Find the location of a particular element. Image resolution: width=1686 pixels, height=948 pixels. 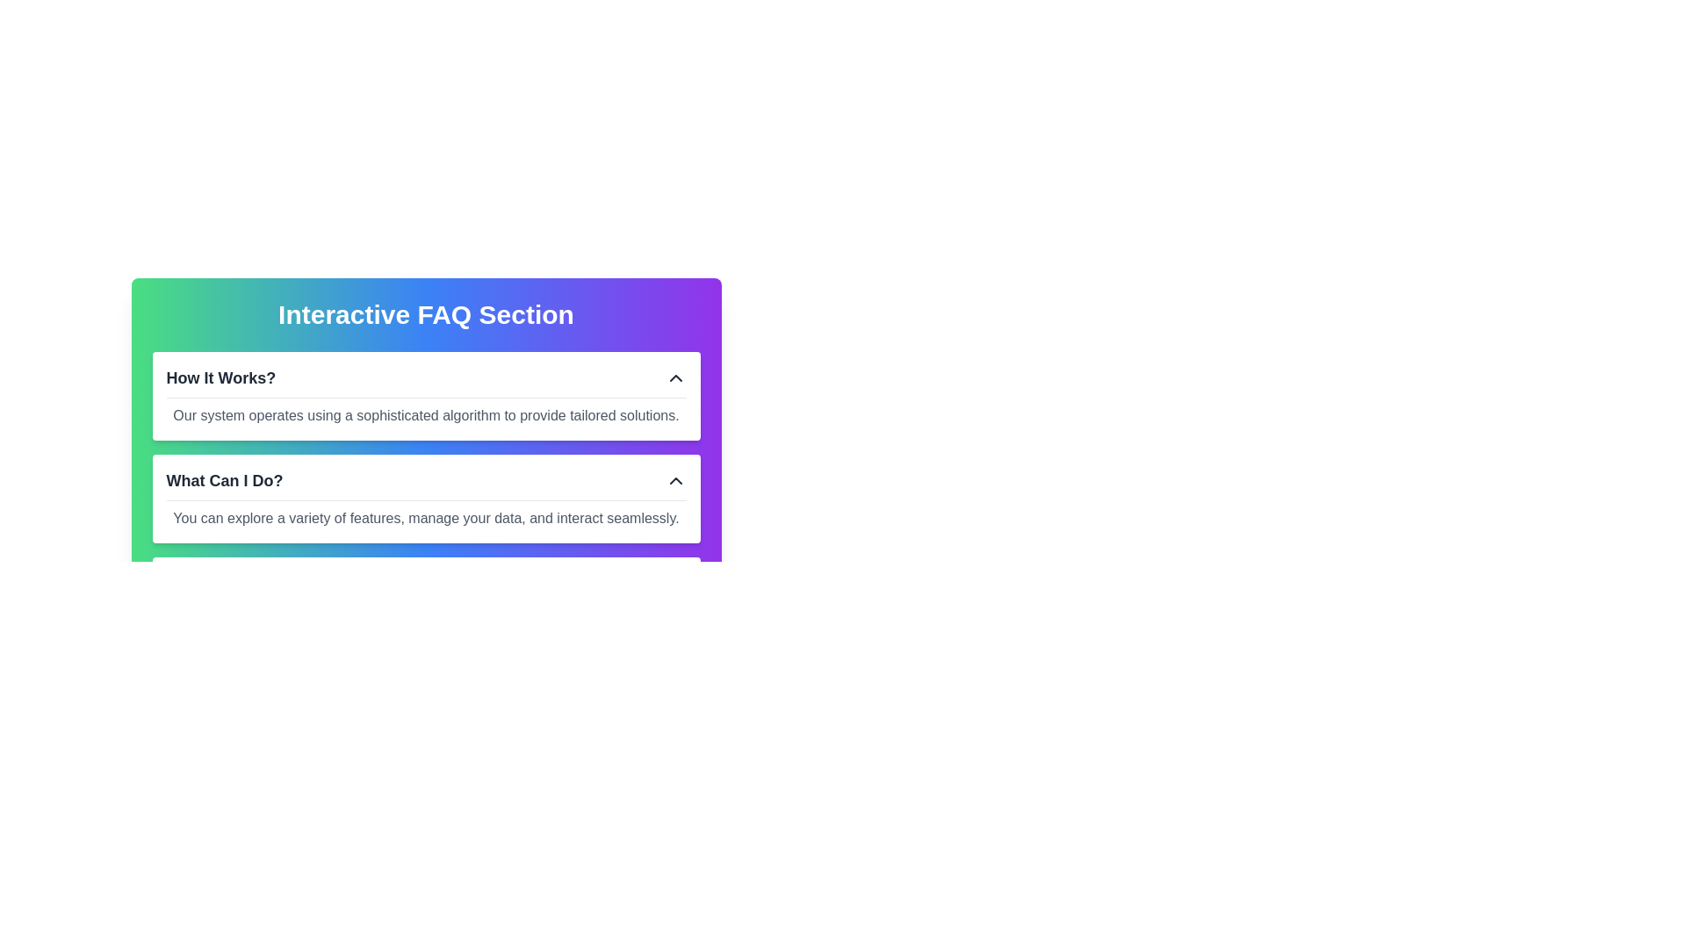

the second Collapsible FAQ Item titled 'What Can I Do?' is located at coordinates (426, 471).